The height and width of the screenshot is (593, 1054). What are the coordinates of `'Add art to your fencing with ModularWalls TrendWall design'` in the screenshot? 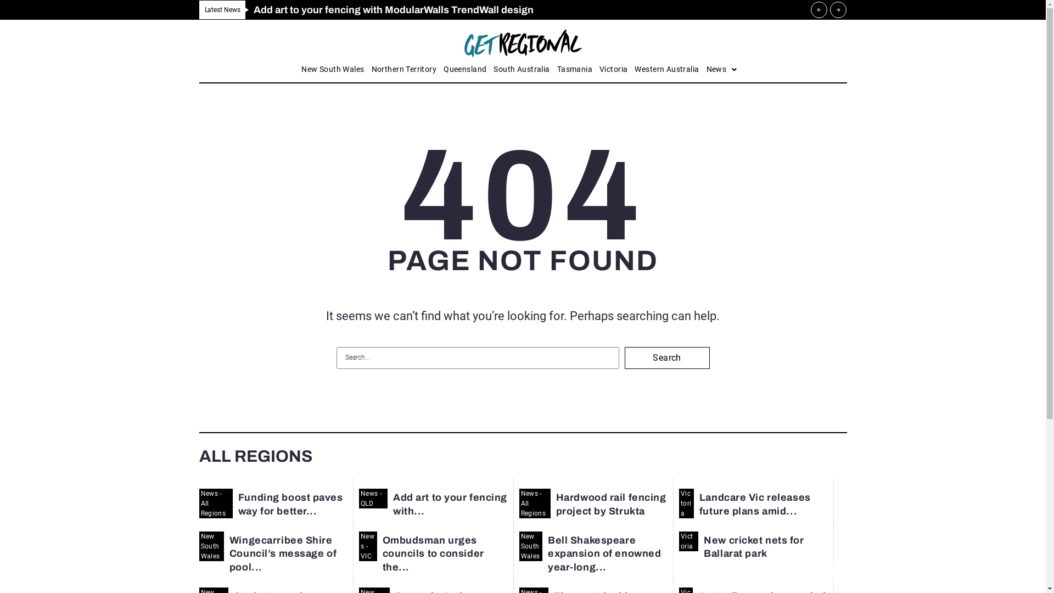 It's located at (393, 10).